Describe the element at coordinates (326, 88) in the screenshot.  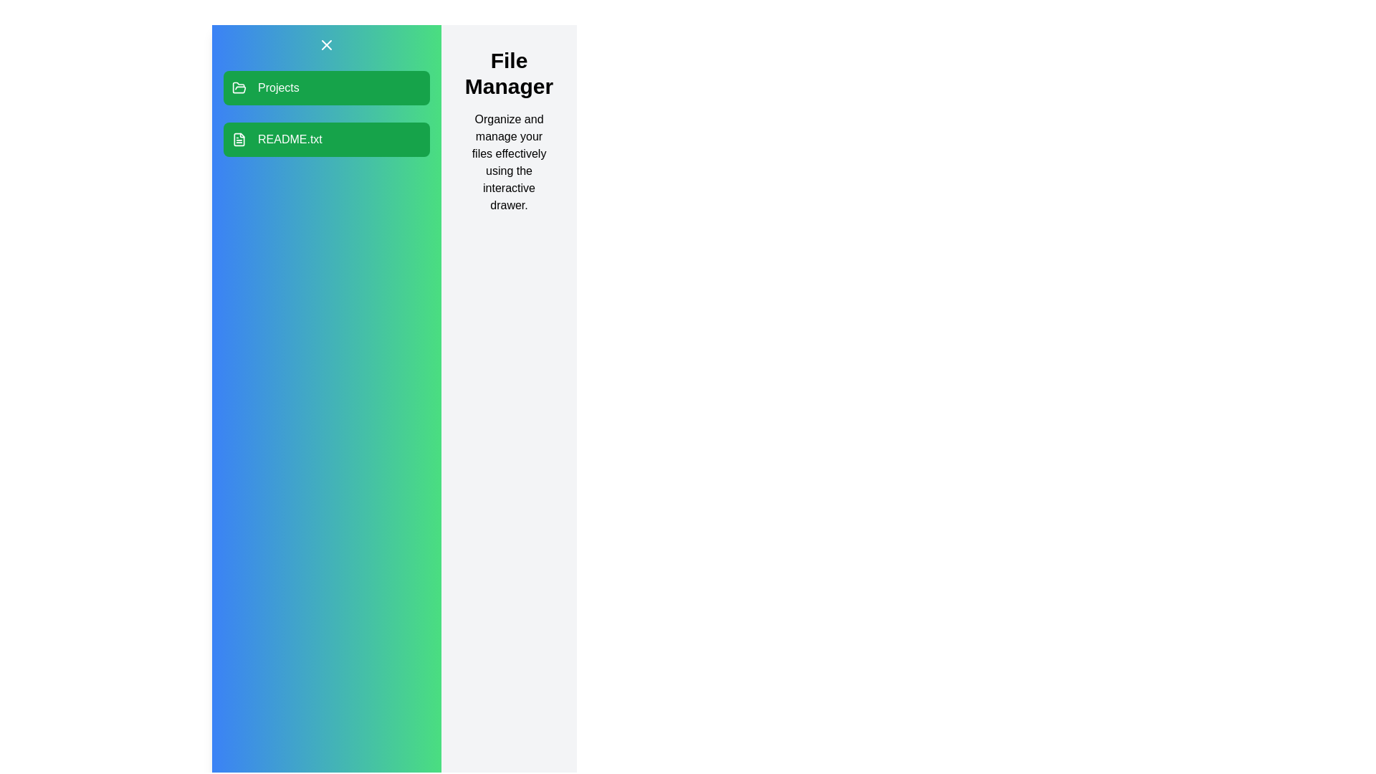
I see `the 'Projects' folder to view its contents` at that location.